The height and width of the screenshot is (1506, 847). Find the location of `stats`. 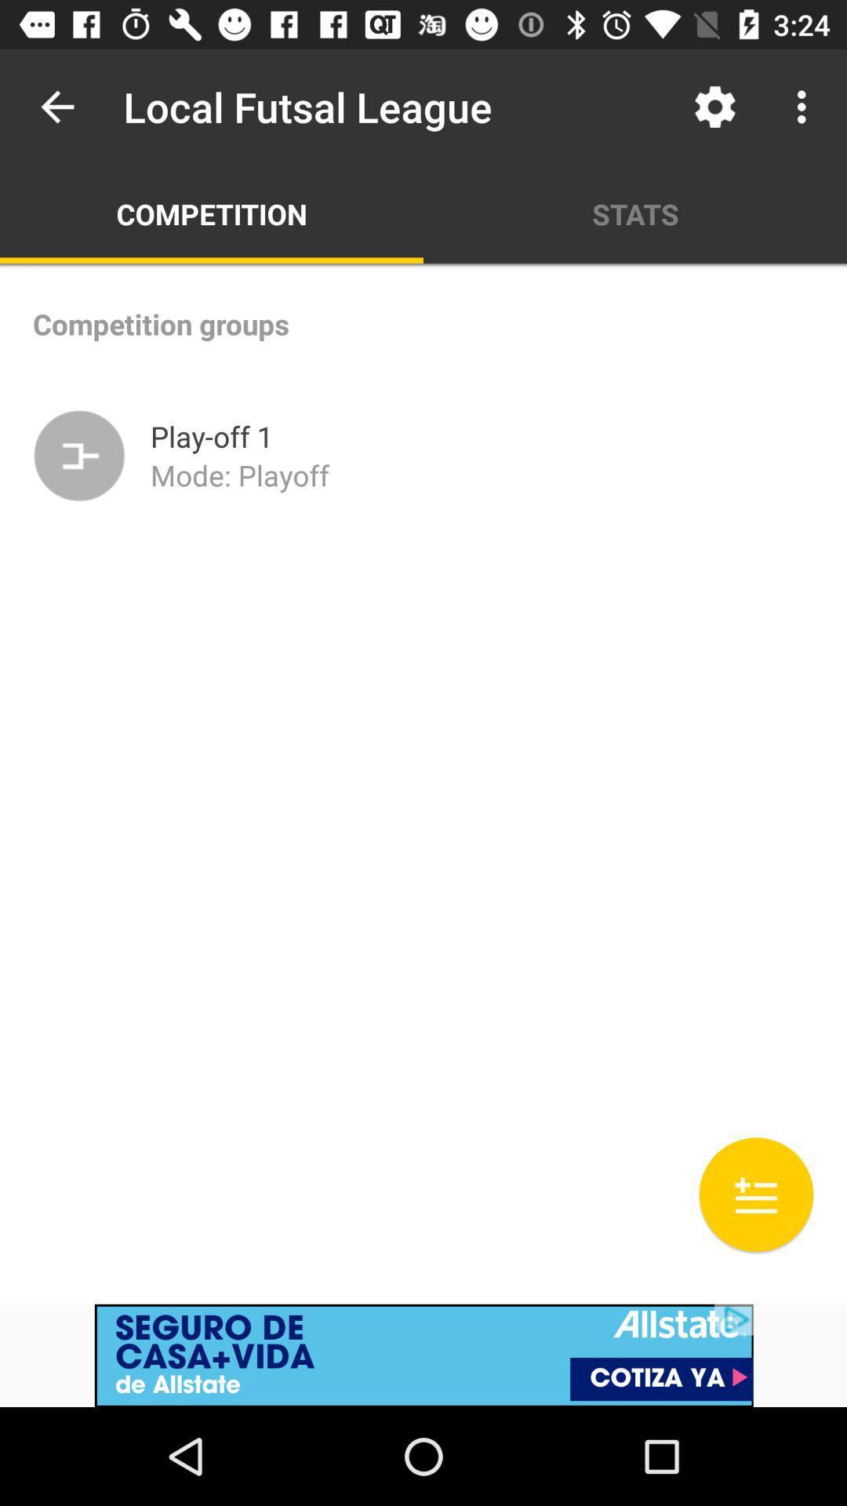

stats is located at coordinates (635, 213).